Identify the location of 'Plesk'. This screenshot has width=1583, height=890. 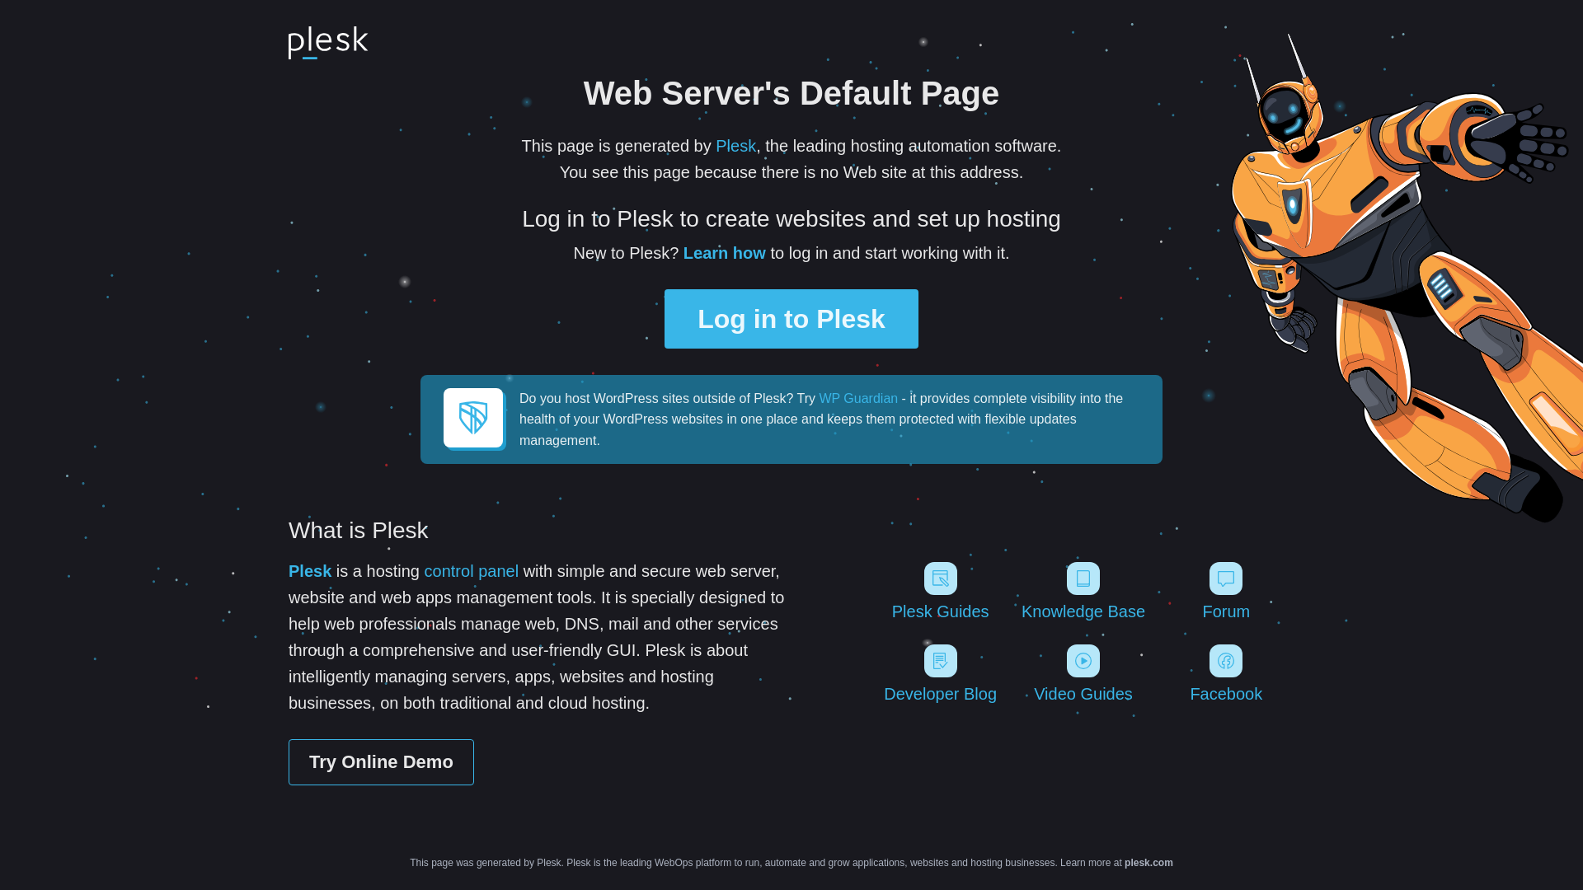
(716, 145).